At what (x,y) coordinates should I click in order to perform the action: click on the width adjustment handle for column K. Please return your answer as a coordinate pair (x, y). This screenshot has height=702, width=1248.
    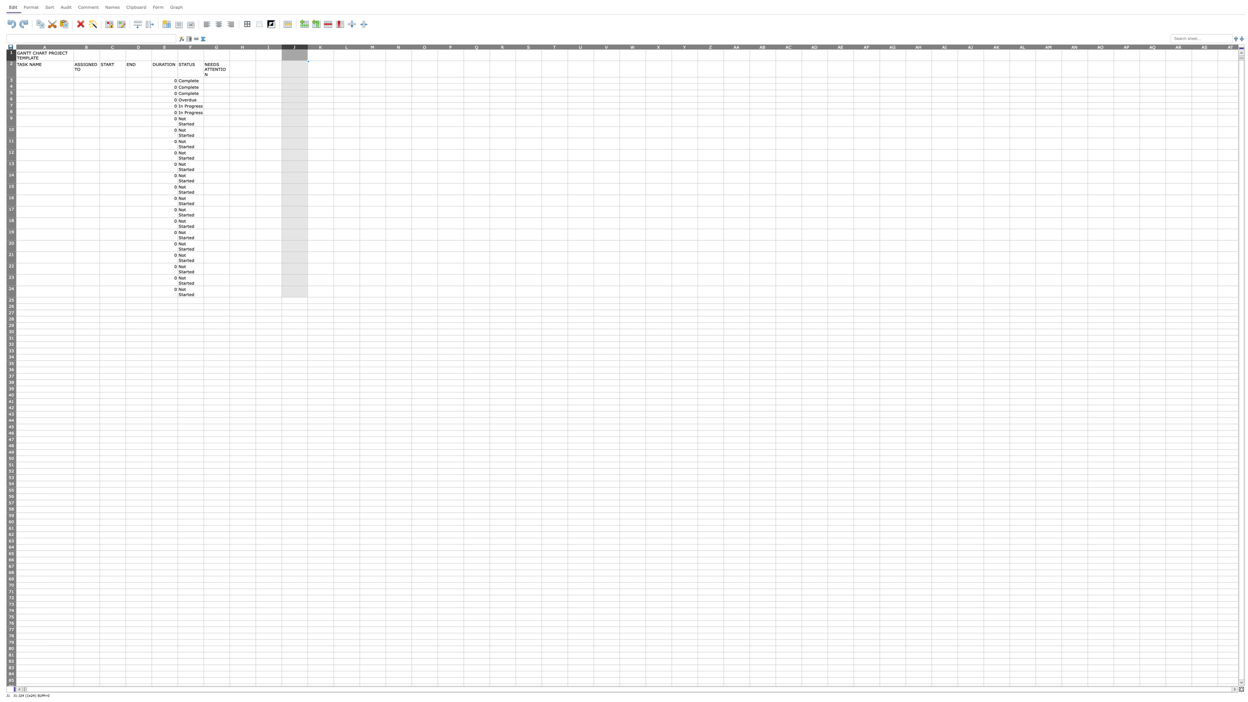
    Looking at the image, I should click on (333, 46).